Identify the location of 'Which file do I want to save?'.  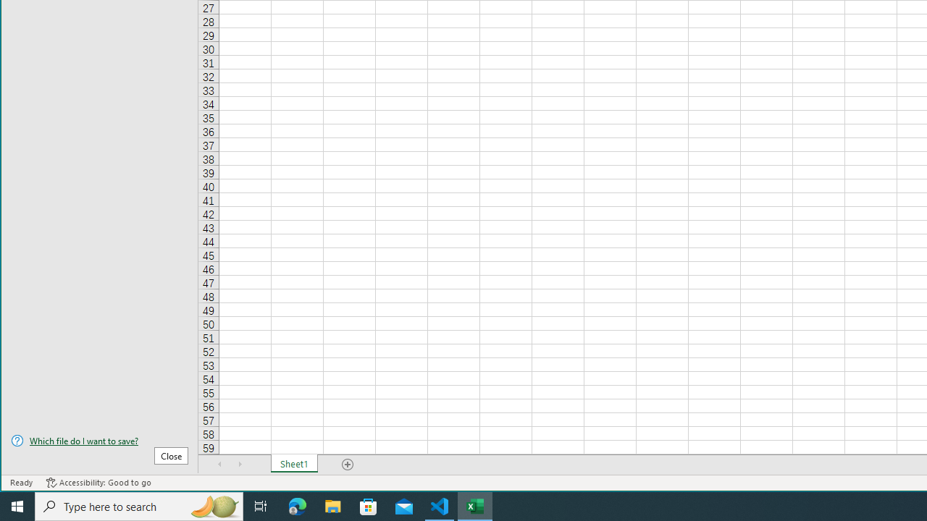
(98, 440).